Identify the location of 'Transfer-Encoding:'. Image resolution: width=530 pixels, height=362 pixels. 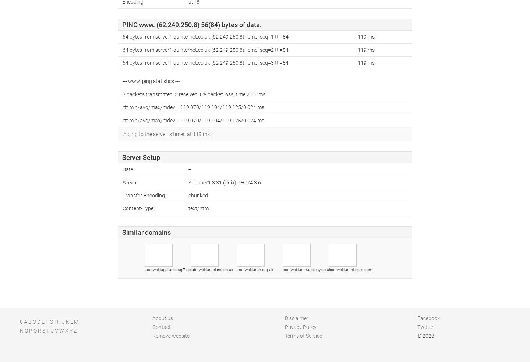
(143, 195).